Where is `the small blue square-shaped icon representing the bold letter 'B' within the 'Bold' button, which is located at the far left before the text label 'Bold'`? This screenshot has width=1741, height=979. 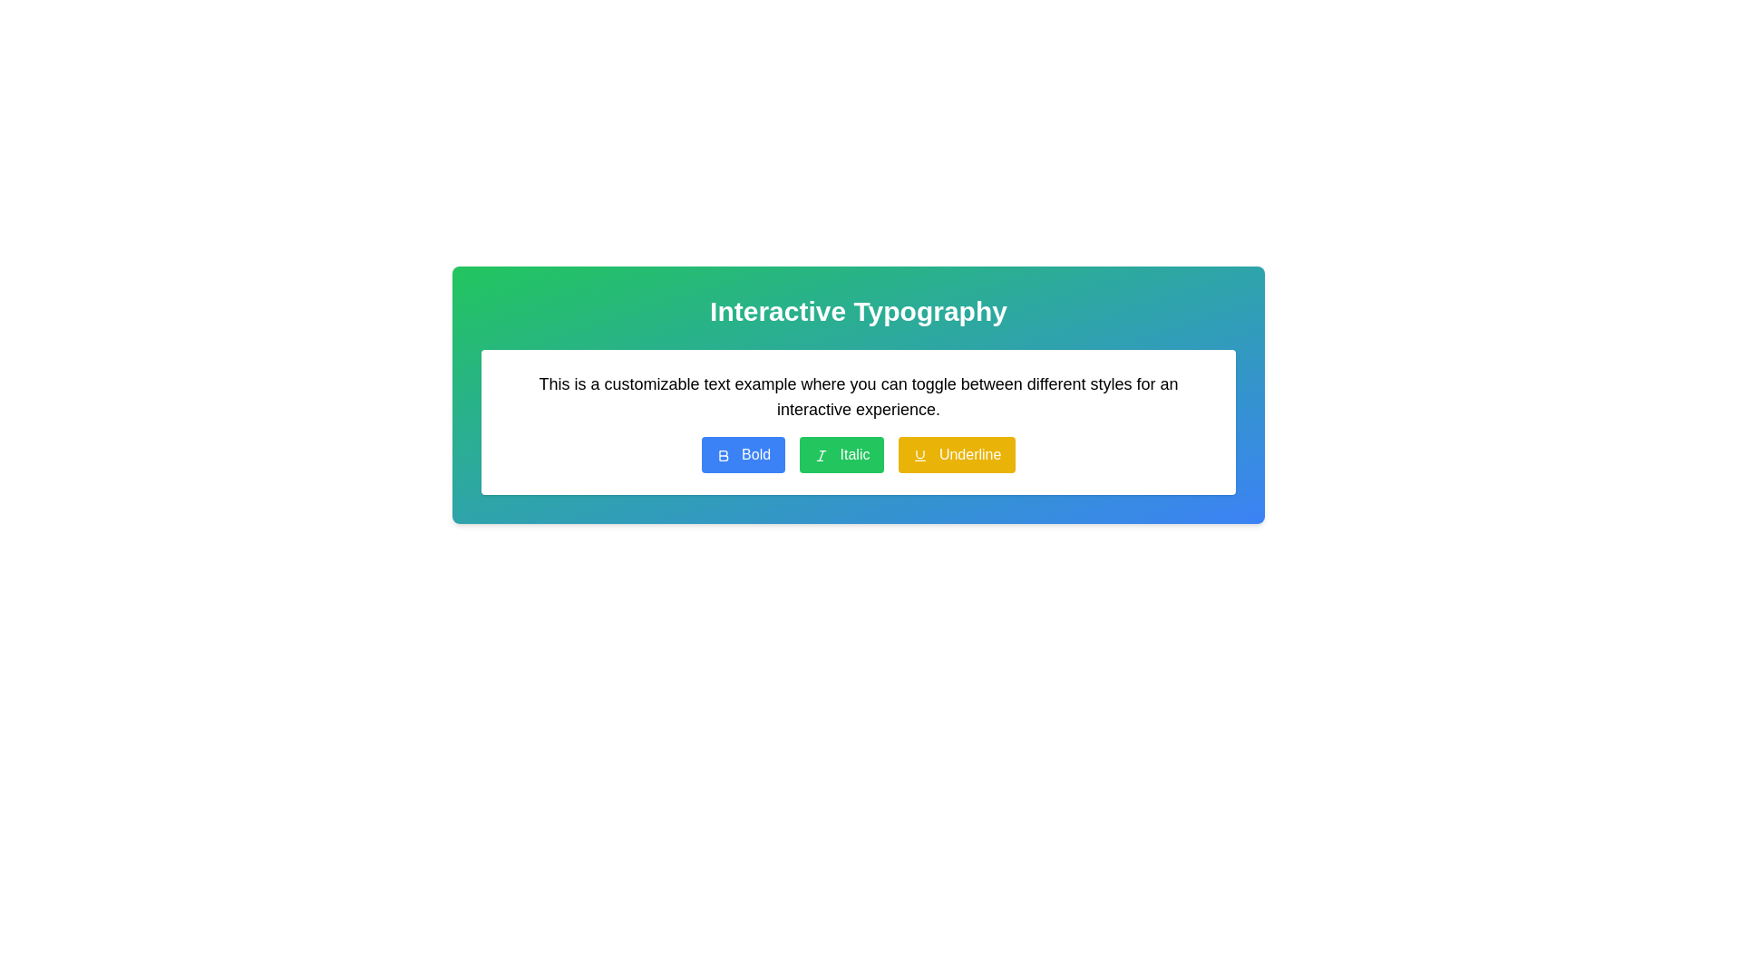
the small blue square-shaped icon representing the bold letter 'B' within the 'Bold' button, which is located at the far left before the text label 'Bold' is located at coordinates (722, 454).